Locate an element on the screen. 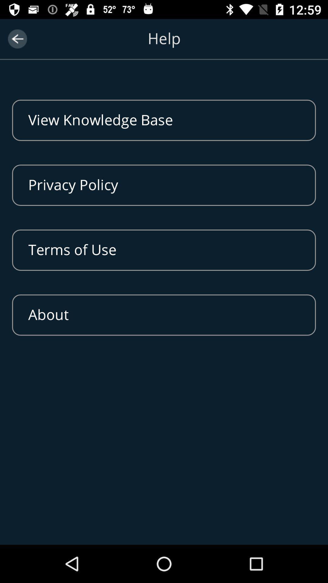 Image resolution: width=328 pixels, height=583 pixels. the arrow_backward icon is located at coordinates (17, 39).